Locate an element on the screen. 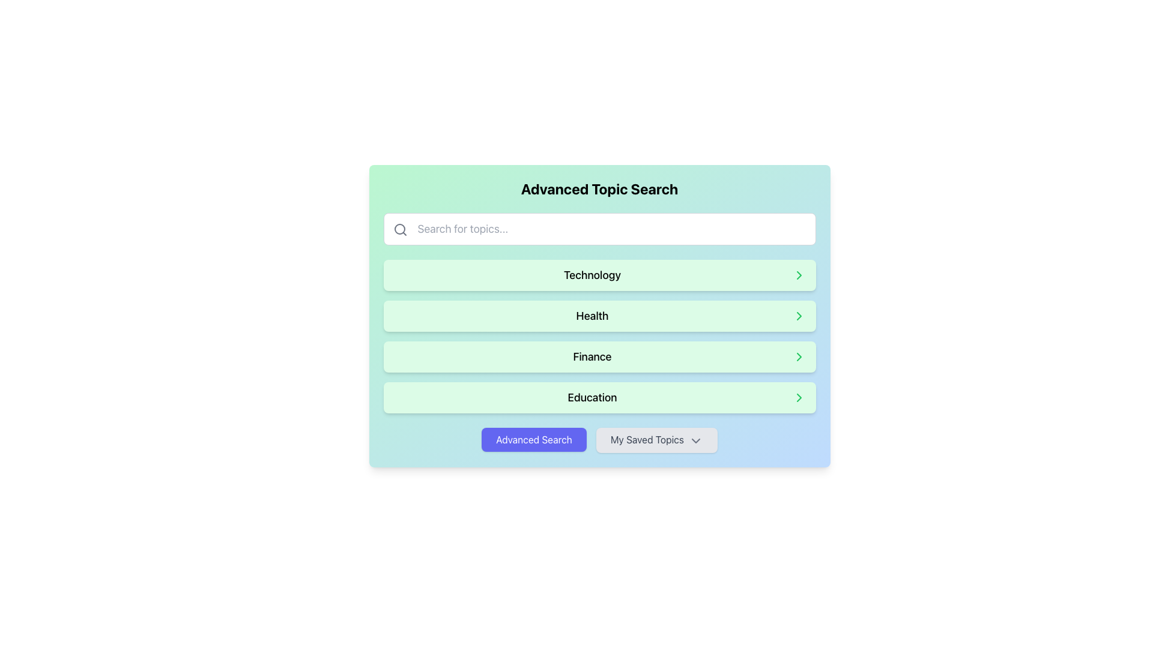  the first button is located at coordinates (533, 439).